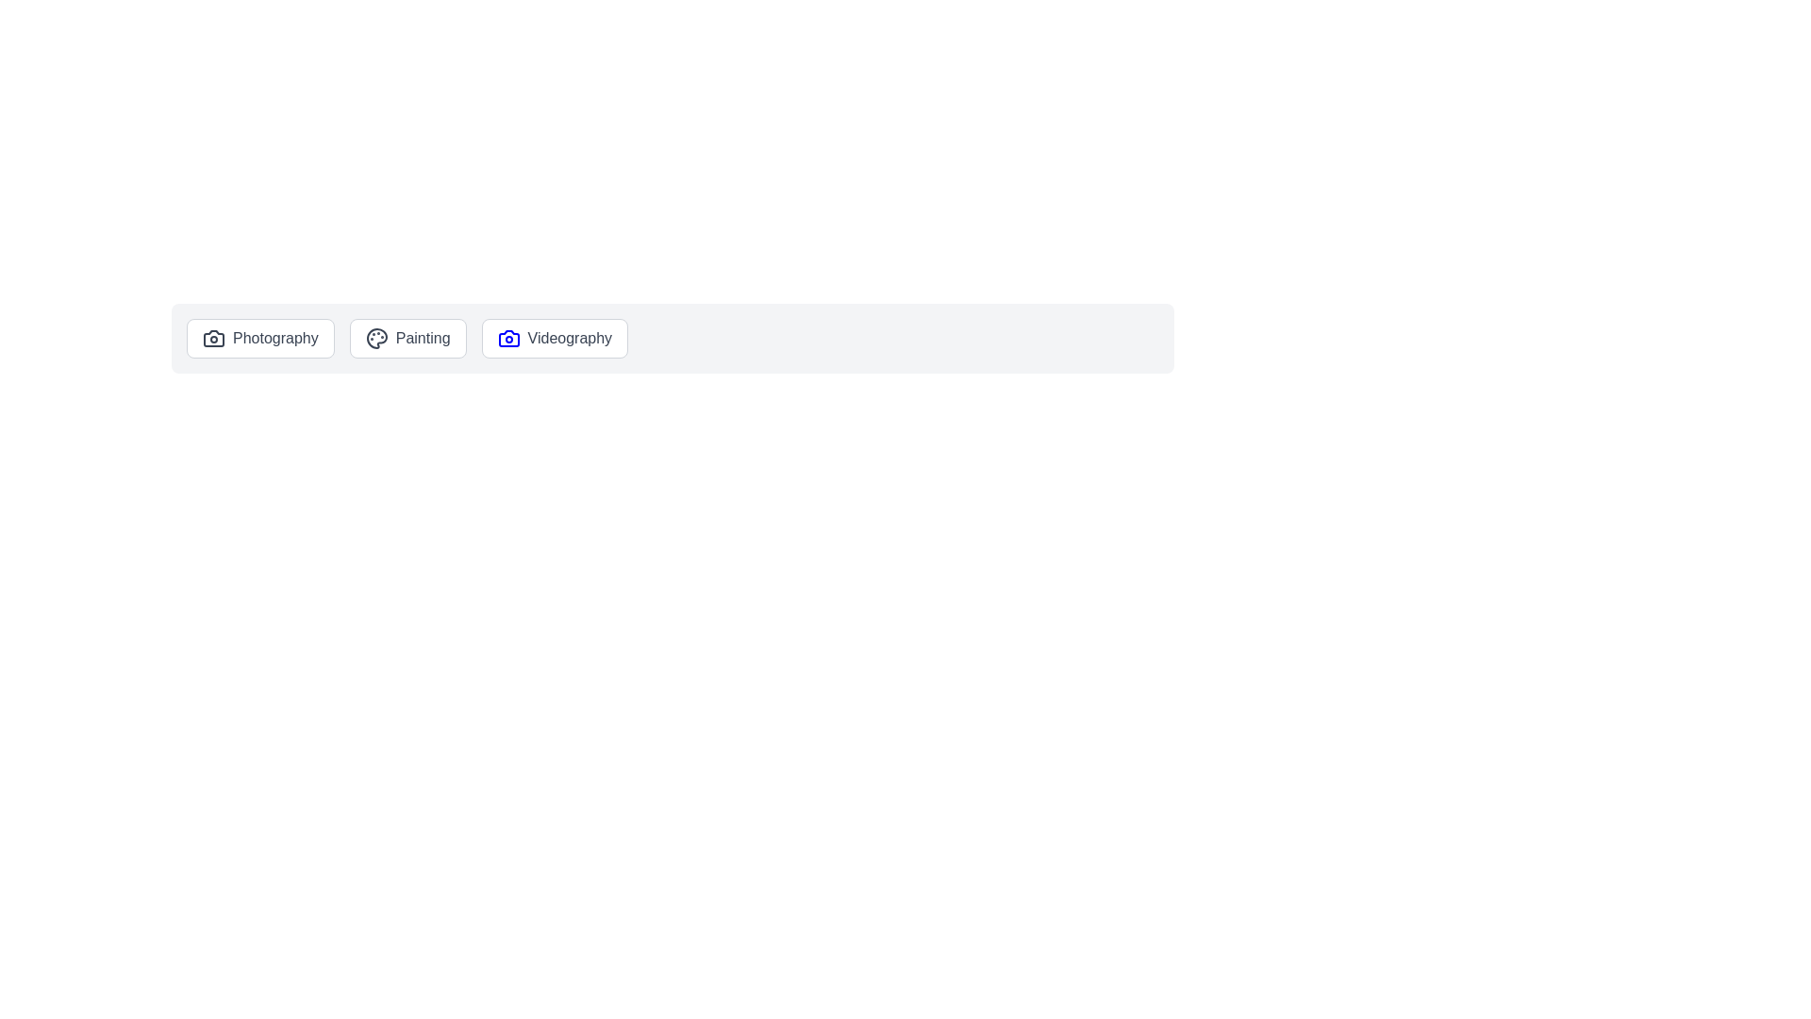 Image resolution: width=1811 pixels, height=1019 pixels. What do you see at coordinates (407, 337) in the screenshot?
I see `the chip labeled Painting to observe its hover effects` at bounding box center [407, 337].